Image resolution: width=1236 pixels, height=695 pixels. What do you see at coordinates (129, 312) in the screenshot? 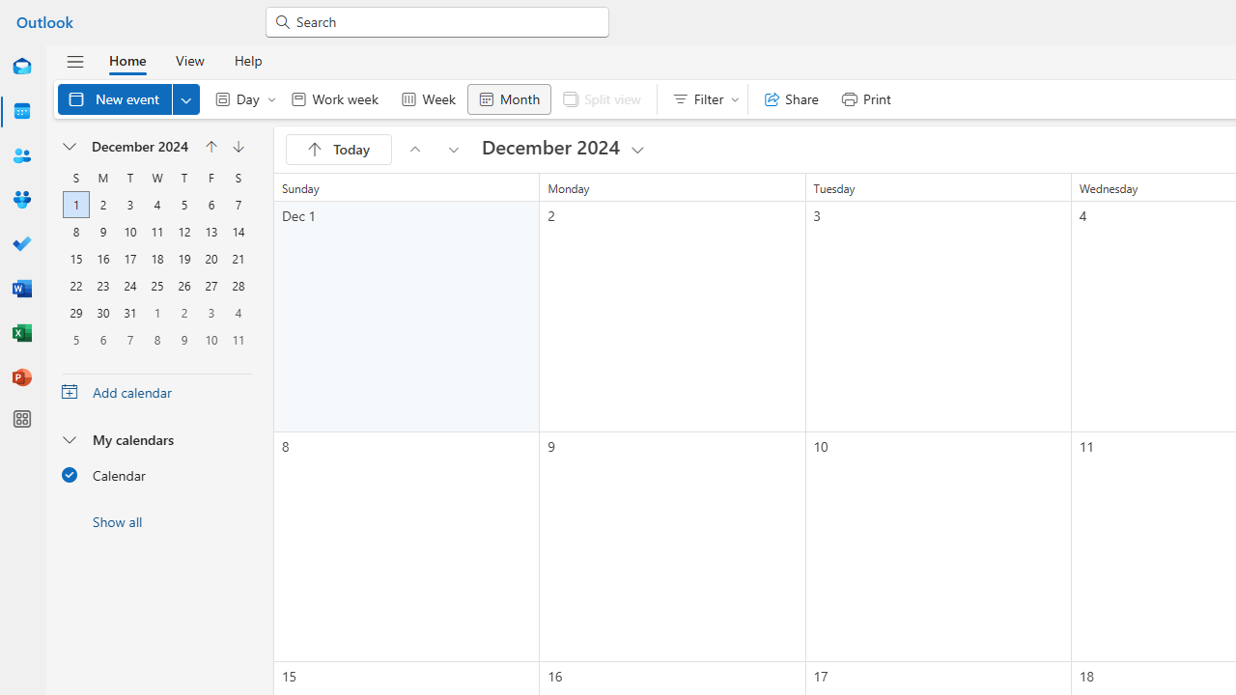
I see `'31, December, 2024'` at bounding box center [129, 312].